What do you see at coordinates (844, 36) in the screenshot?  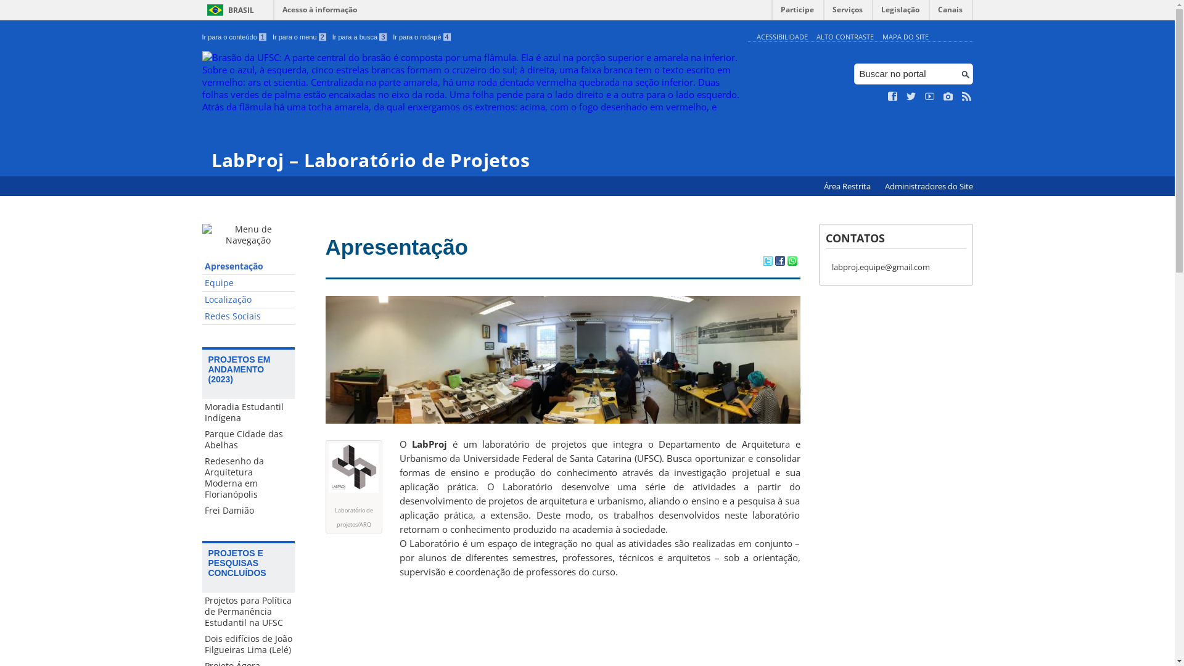 I see `'ALTO CONTRASTE'` at bounding box center [844, 36].